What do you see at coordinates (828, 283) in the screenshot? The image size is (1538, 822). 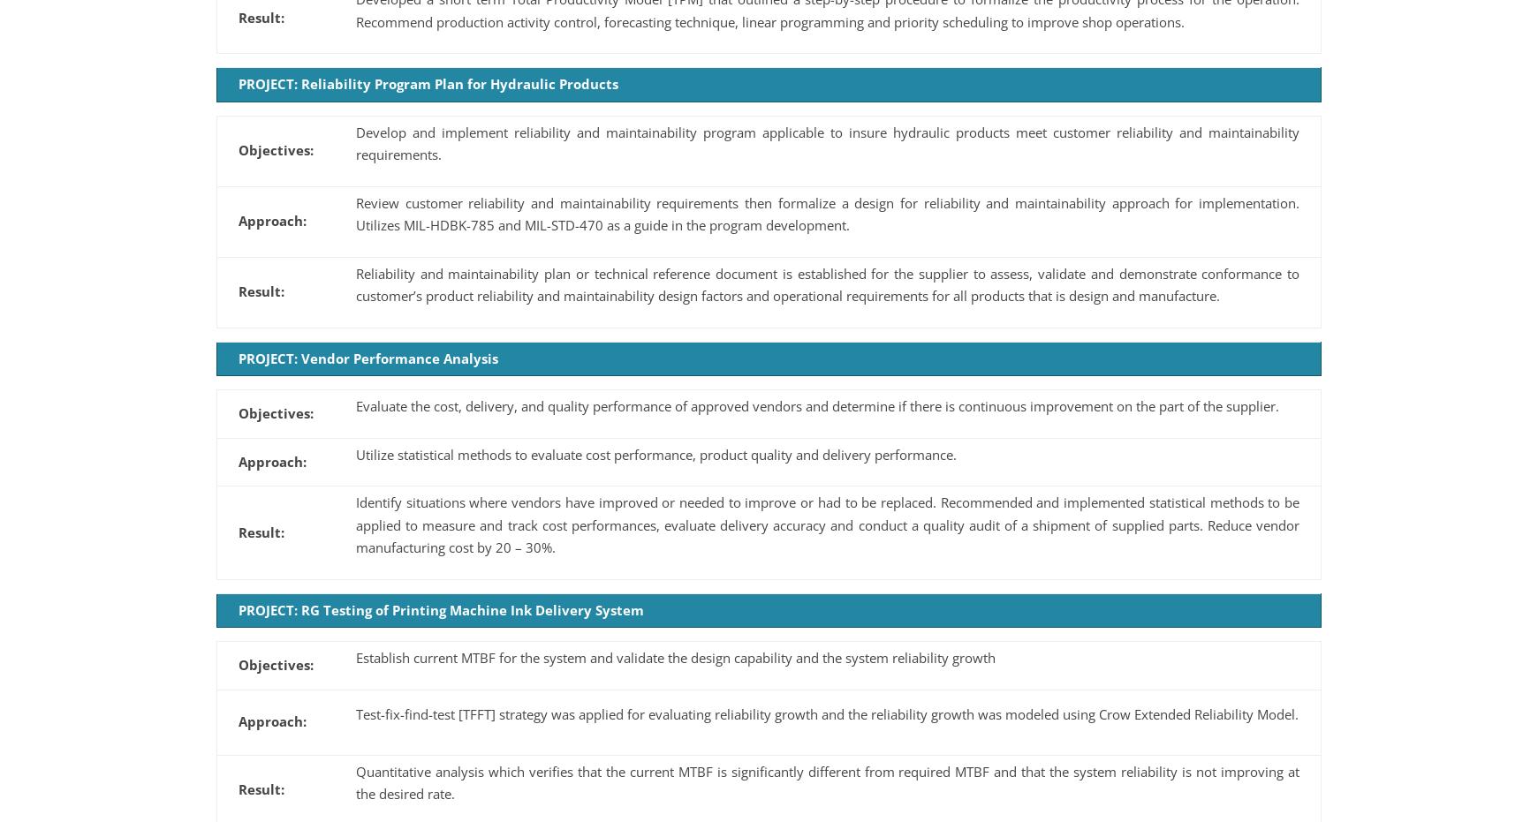 I see `'Reliability and maintainability plan or technical reference document is established for the supplier to assess, validate and demonstrate conformance to customer’s product reliability and maintainability design factors and operational requirements for all products that is design and manufacture.'` at bounding box center [828, 283].